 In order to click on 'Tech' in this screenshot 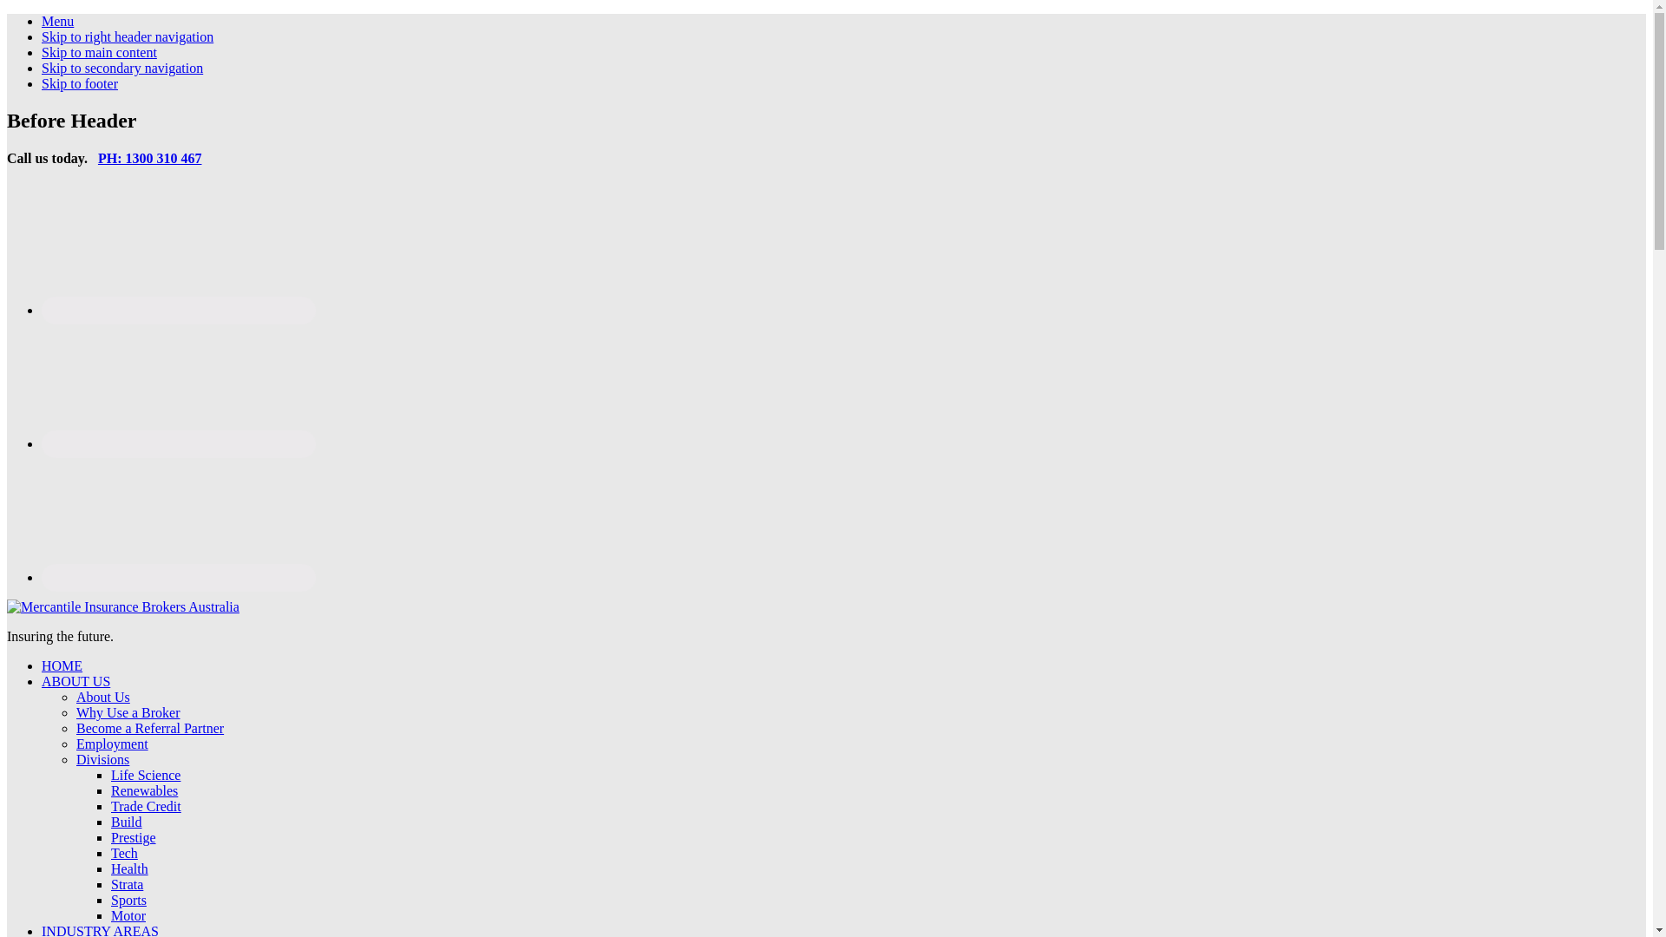, I will do `click(123, 852)`.